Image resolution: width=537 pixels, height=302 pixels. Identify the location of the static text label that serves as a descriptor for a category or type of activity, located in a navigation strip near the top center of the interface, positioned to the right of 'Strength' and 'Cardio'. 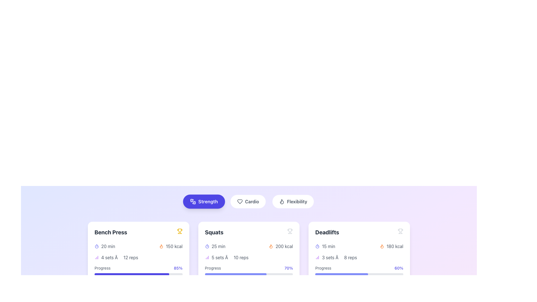
(297, 202).